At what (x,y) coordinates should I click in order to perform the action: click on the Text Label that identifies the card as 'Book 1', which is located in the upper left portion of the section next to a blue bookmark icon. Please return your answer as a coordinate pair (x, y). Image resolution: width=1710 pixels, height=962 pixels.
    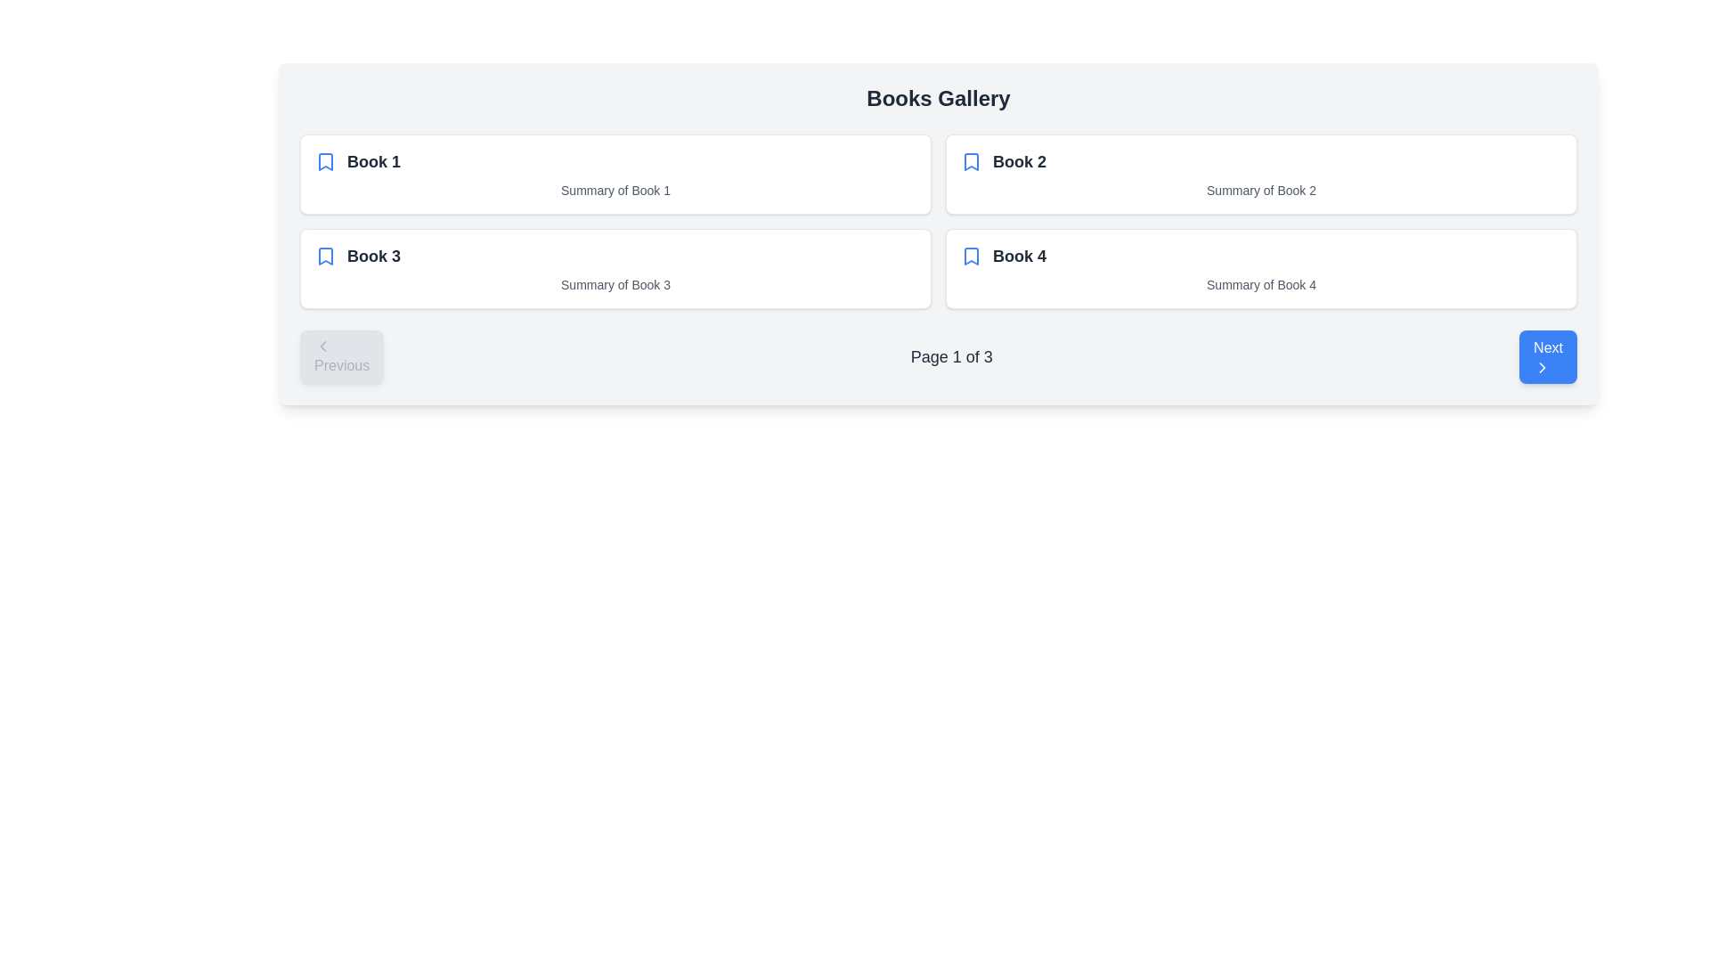
    Looking at the image, I should click on (373, 161).